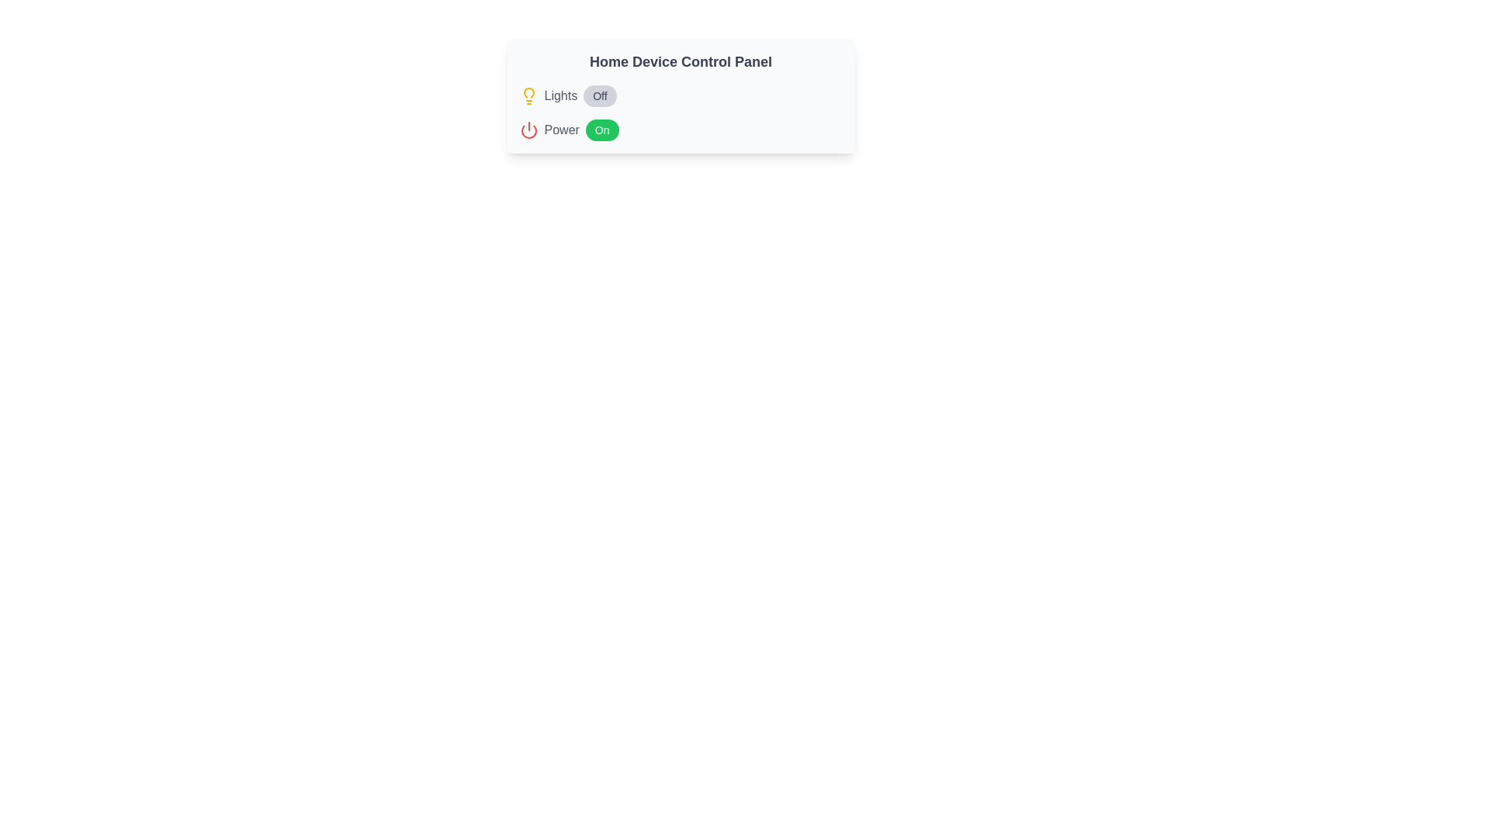 The width and height of the screenshot is (1490, 838). What do you see at coordinates (681, 113) in the screenshot?
I see `the 'Off' button in the Home Device Control Panel to change the light state` at bounding box center [681, 113].